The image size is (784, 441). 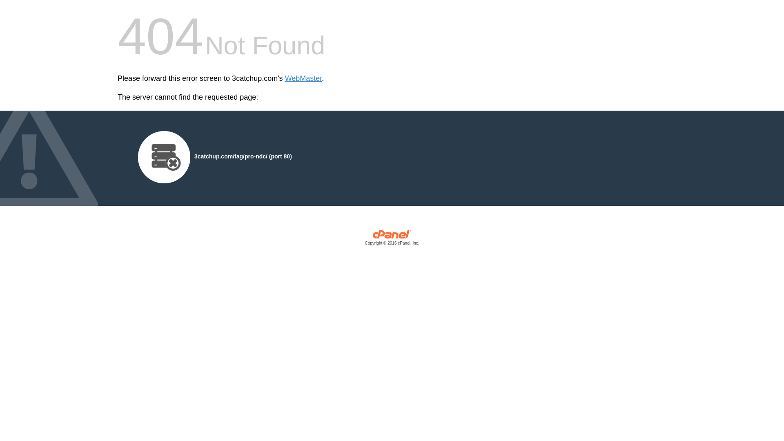 I want to click on 'WebMaster', so click(x=303, y=78).